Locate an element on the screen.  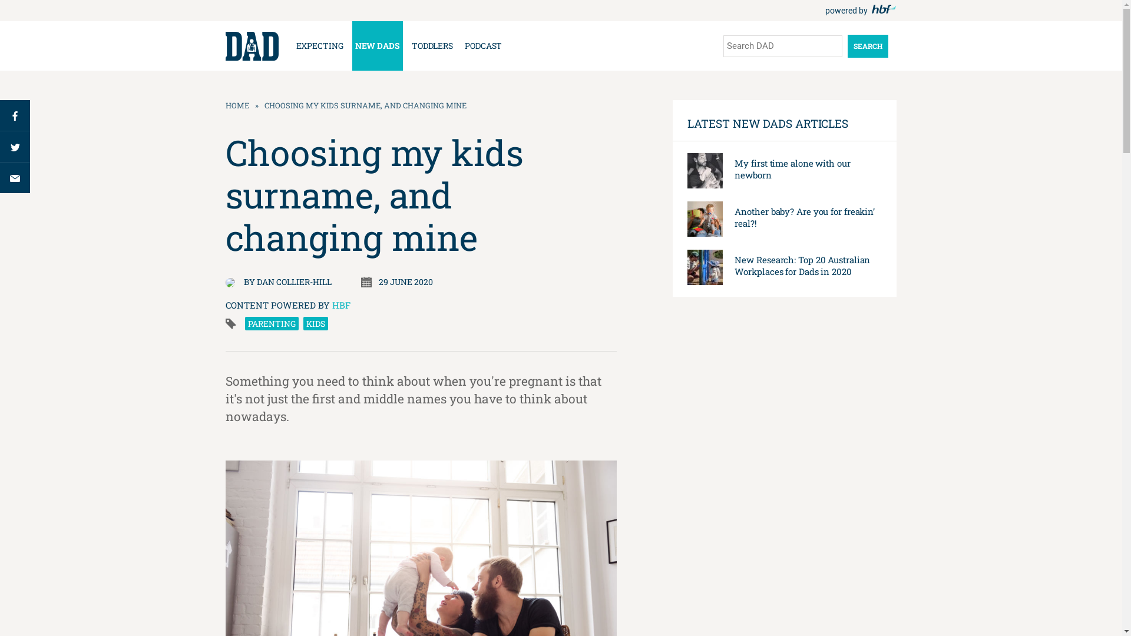
'Email' is located at coordinates (0, 177).